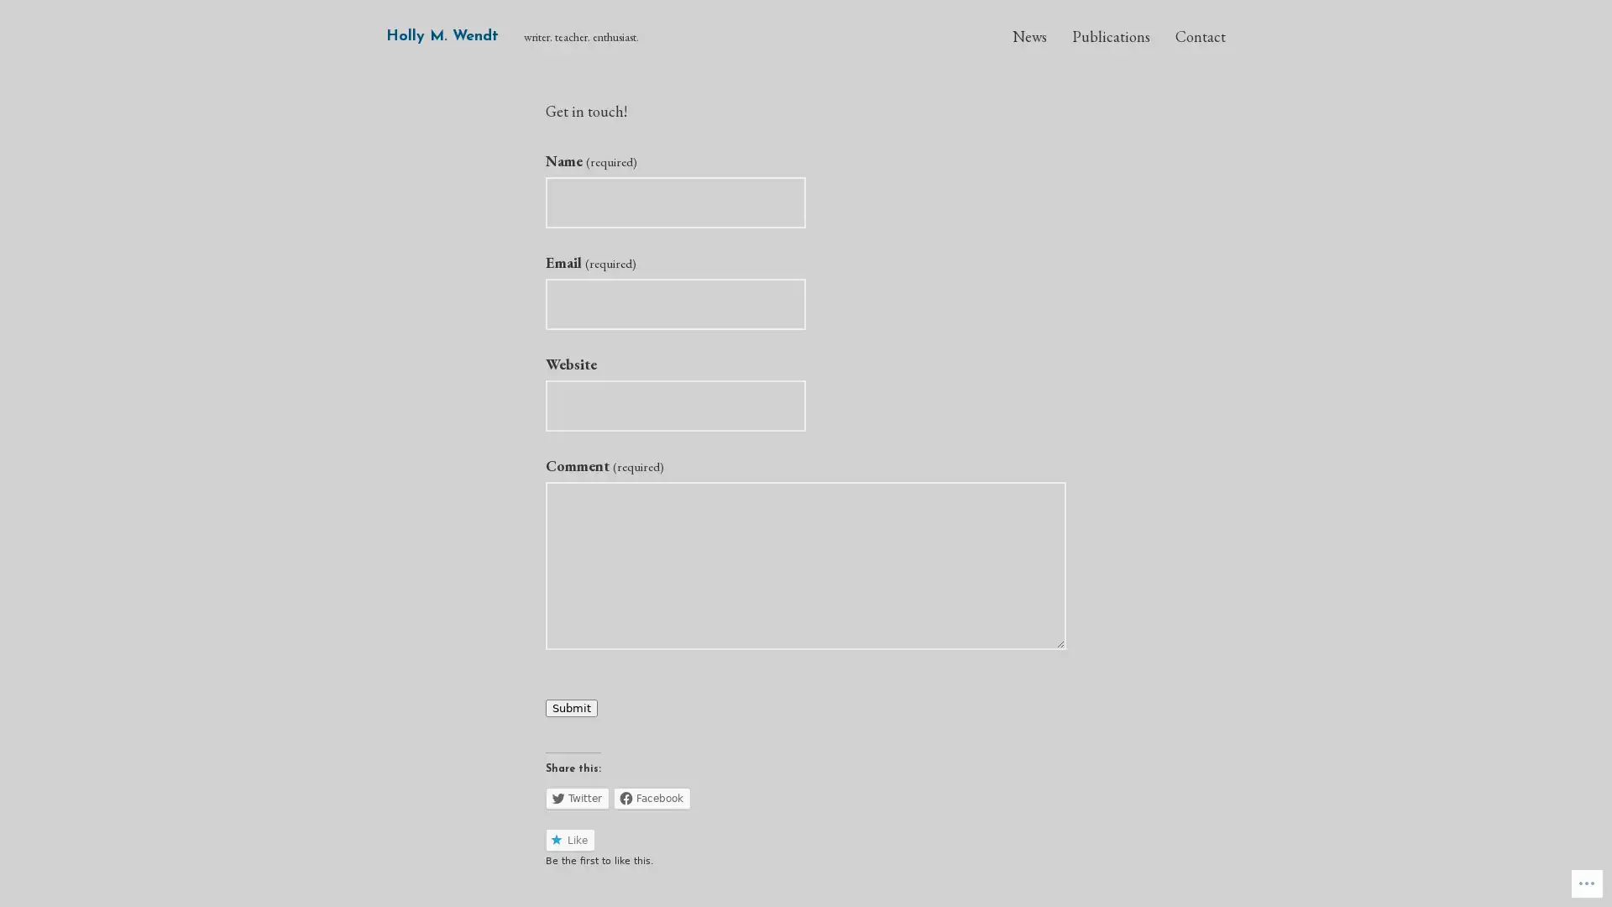  Describe the element at coordinates (572, 707) in the screenshot. I see `Submit` at that location.